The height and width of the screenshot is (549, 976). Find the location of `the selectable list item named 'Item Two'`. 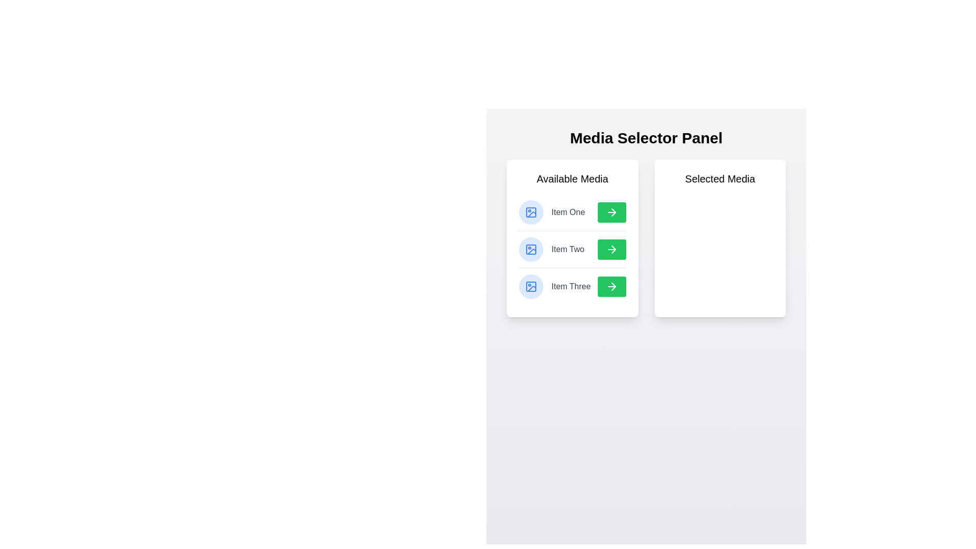

the selectable list item named 'Item Two' is located at coordinates (551, 249).